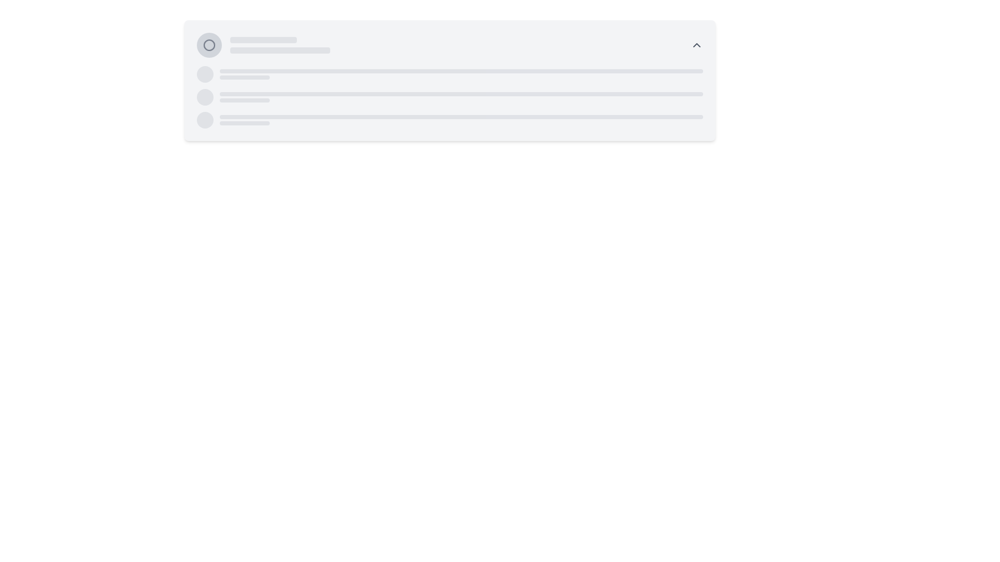 This screenshot has height=562, width=1000. Describe the element at coordinates (450, 120) in the screenshot. I see `third Placeholder Loader Row, which serves as a visual placeholder for a loading state of a list item, positioned centrally at the bottom of a vertically stacked group of placeholder rows` at that location.